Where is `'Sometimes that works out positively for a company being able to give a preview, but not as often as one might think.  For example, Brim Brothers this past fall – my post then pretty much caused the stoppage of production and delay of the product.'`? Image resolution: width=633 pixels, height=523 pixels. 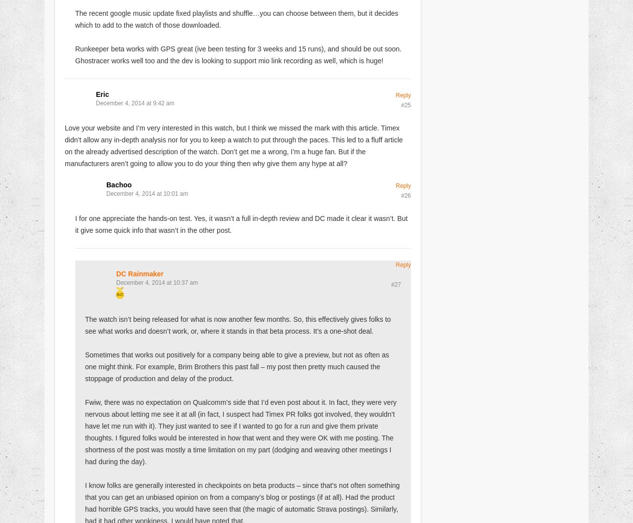 'Sometimes that works out positively for a company being able to give a preview, but not as often as one might think.  For example, Brim Brothers this past fall – my post then pretty much caused the stoppage of production and delay of the product.' is located at coordinates (236, 366).